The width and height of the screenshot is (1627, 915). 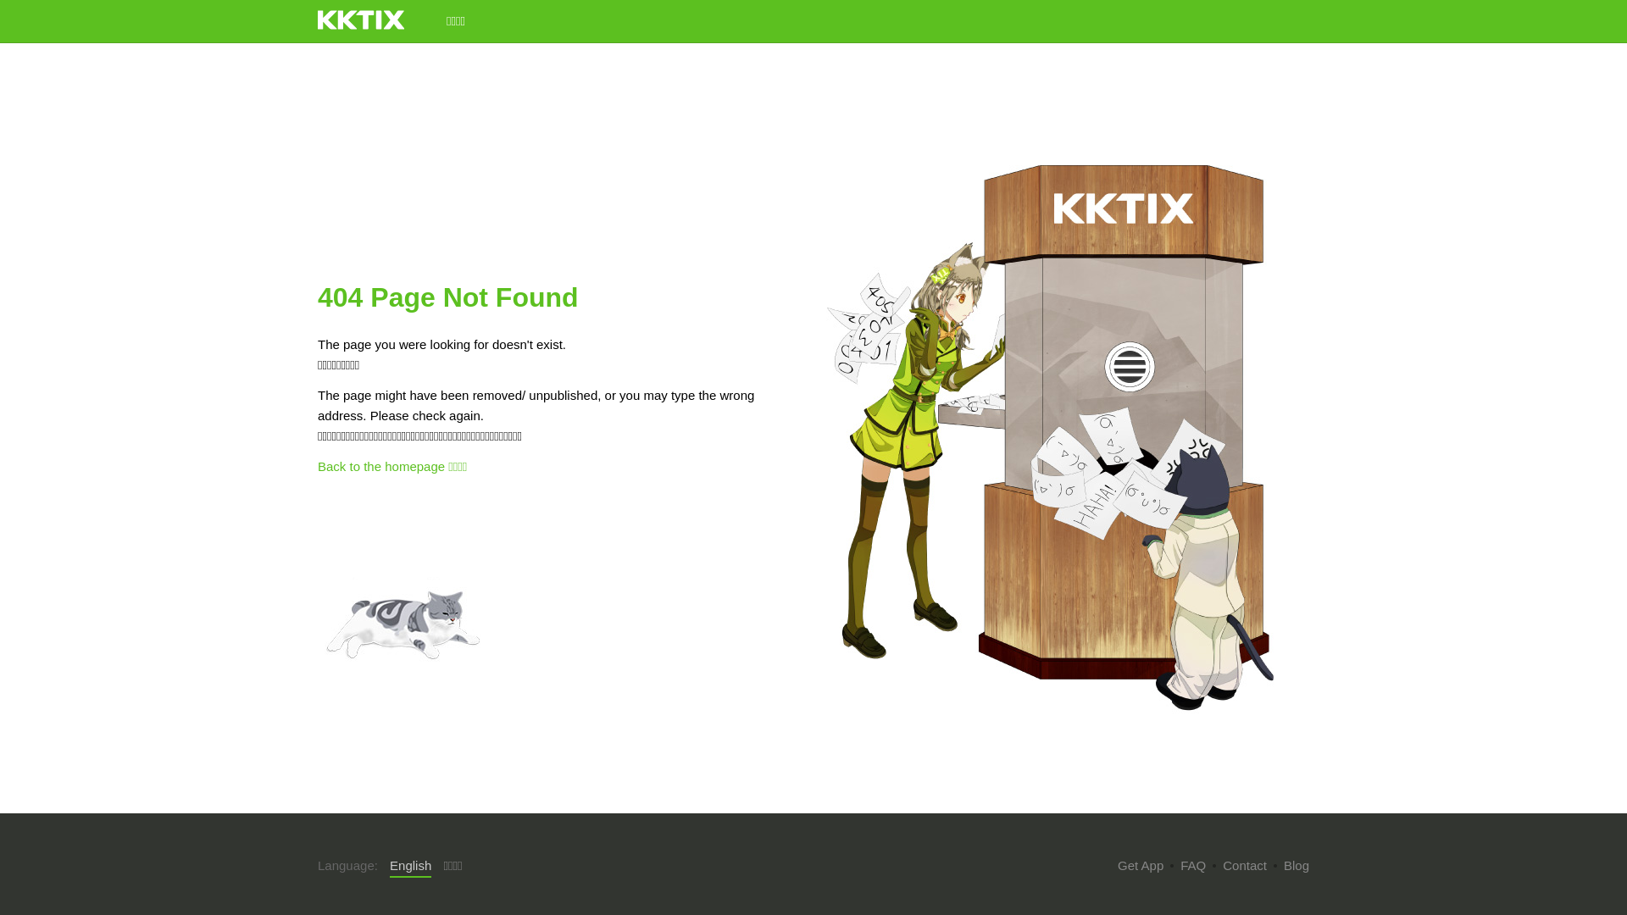 I want to click on 'Blog', so click(x=1284, y=865).